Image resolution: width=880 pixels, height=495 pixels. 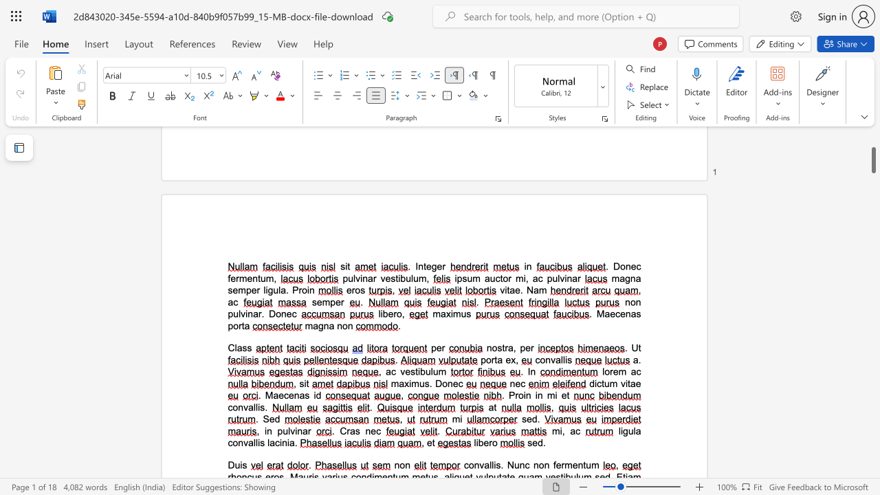 I want to click on the 1th character "o" in the text, so click(x=542, y=359).